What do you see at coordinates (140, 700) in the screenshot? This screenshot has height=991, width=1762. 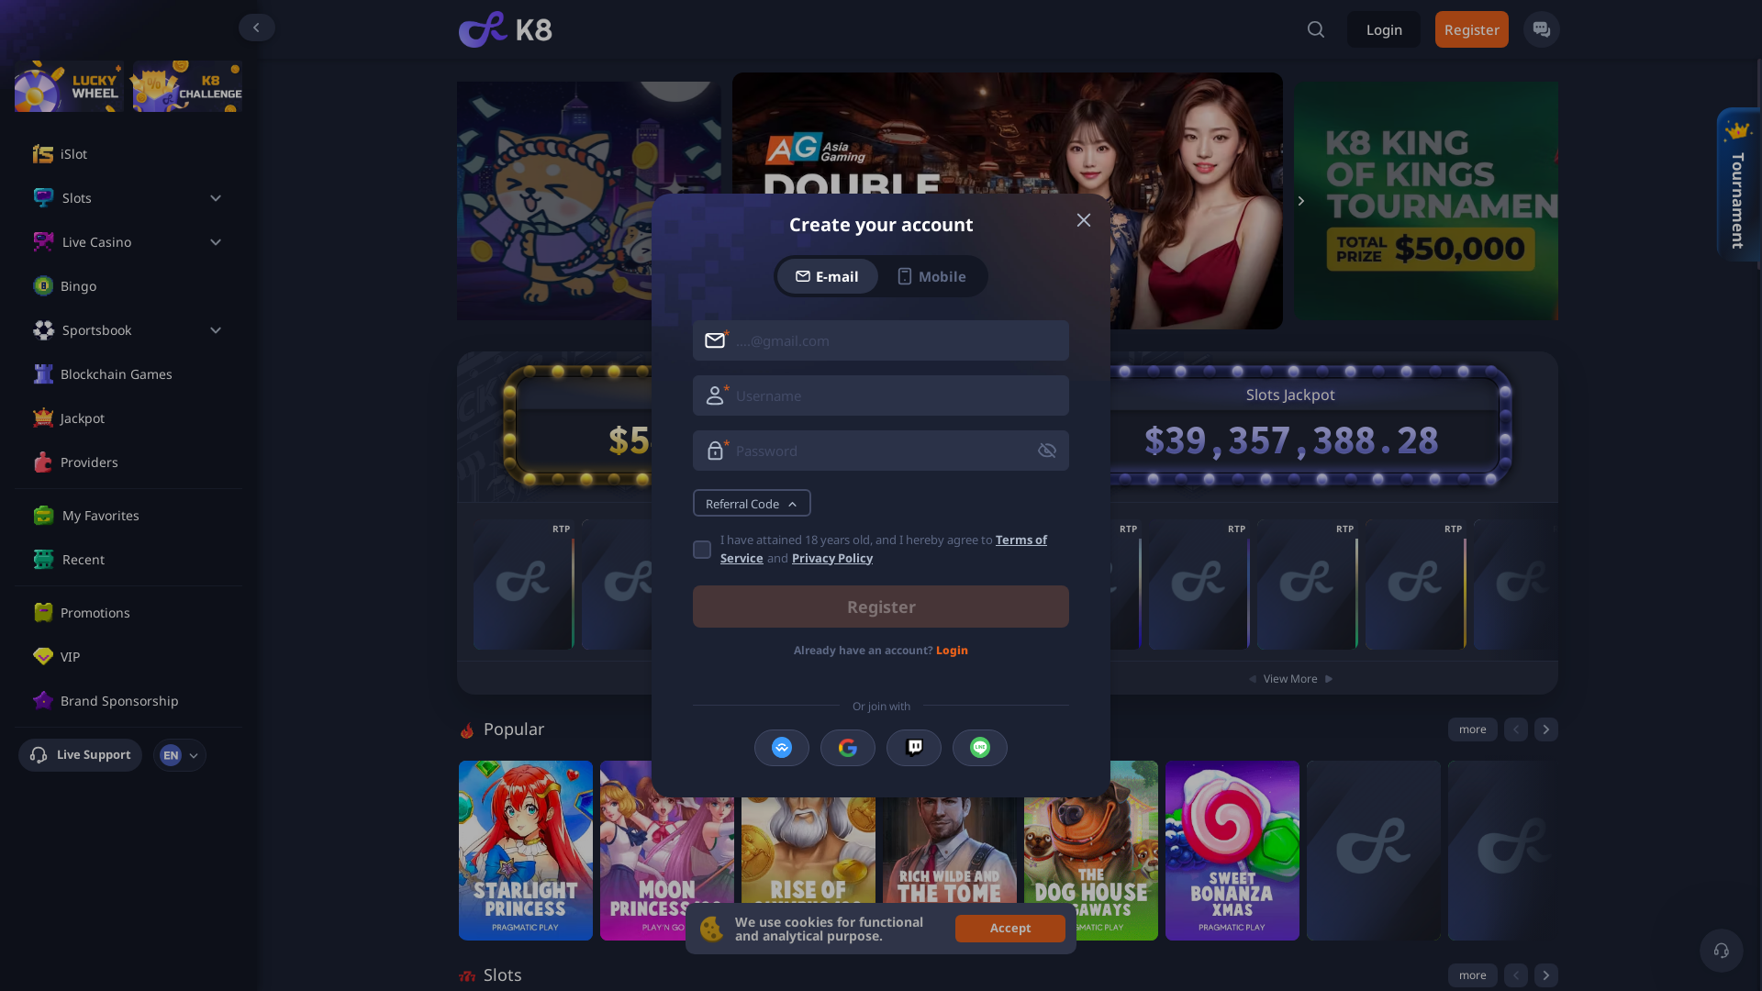 I see `'Brand Sponsorship'` at bounding box center [140, 700].